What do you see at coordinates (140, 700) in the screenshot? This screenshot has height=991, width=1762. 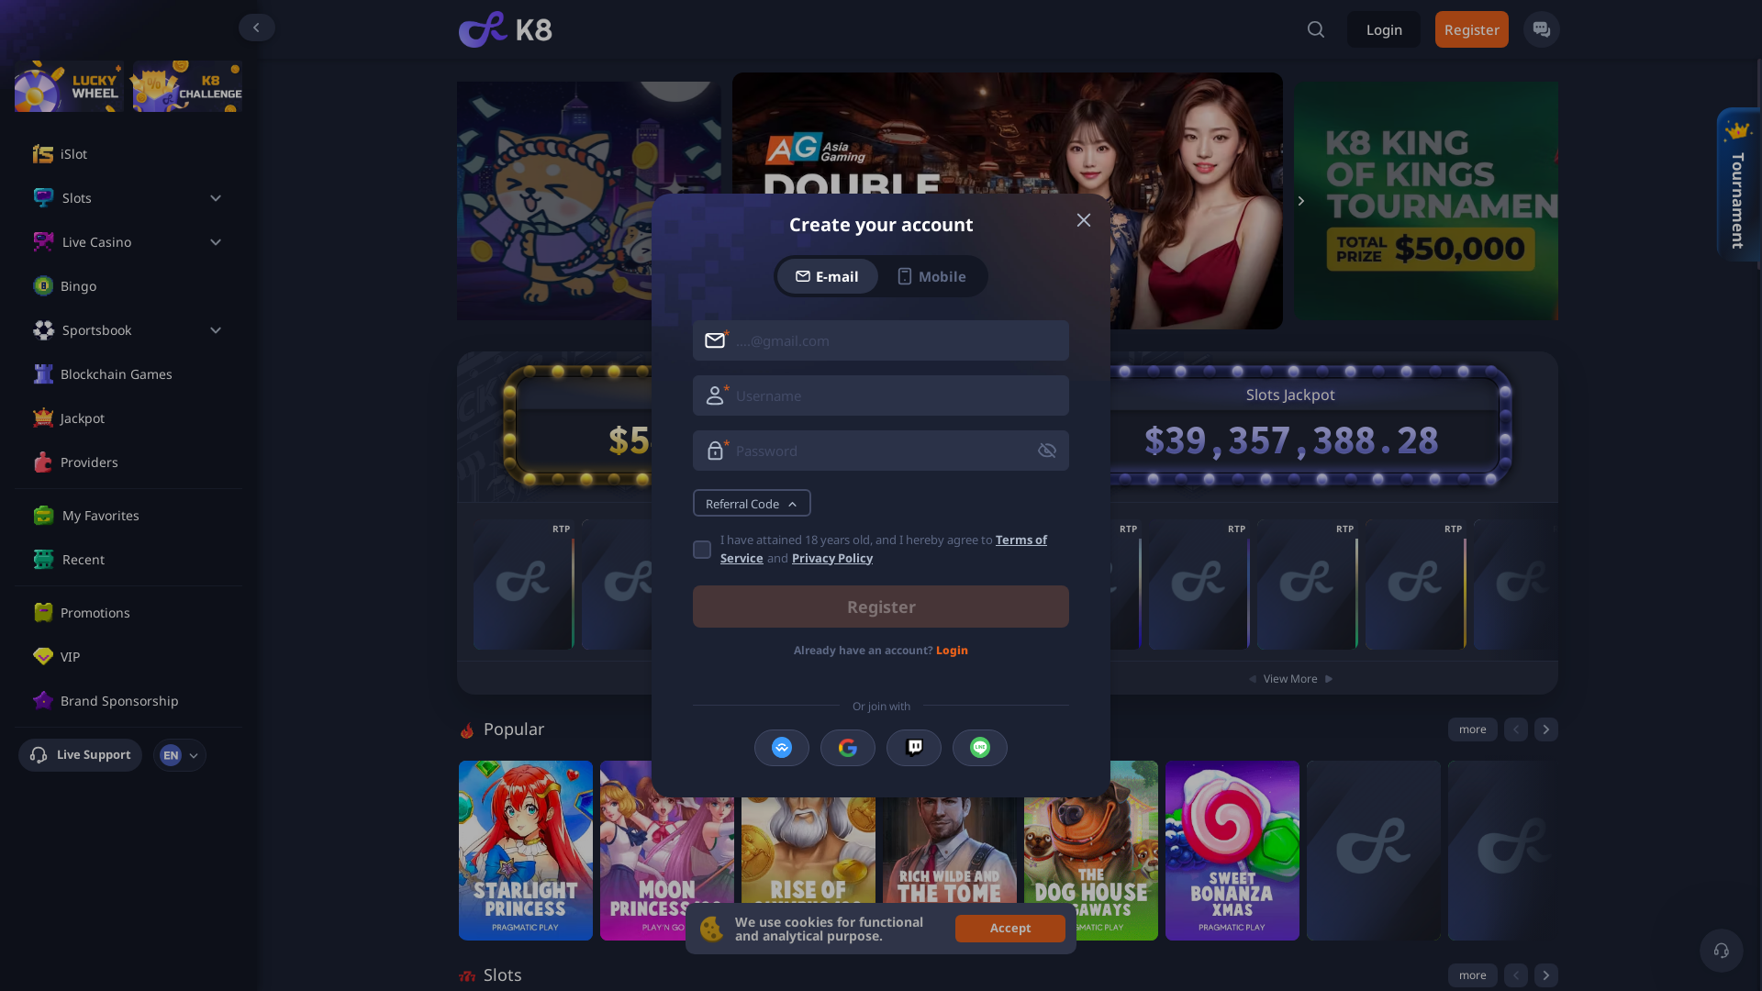 I see `'Brand Sponsorship'` at bounding box center [140, 700].